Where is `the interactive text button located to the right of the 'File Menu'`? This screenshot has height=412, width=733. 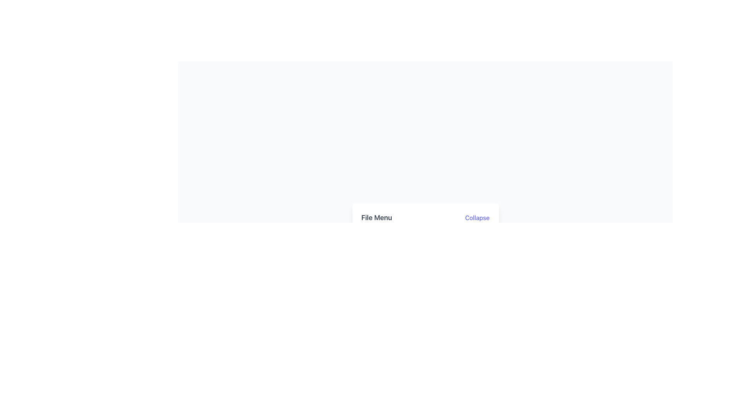
the interactive text button located to the right of the 'File Menu' is located at coordinates (477, 217).